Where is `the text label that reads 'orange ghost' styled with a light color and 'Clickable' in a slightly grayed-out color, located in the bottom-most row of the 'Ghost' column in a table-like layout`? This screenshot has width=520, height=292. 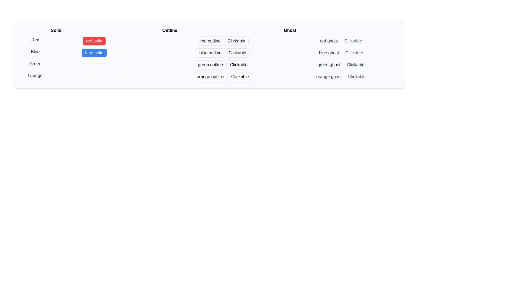
the text label that reads 'orange ghost' styled with a light color and 'Clickable' in a slightly grayed-out color, located in the bottom-most row of the 'Ghost' column in a table-like layout is located at coordinates (340, 76).